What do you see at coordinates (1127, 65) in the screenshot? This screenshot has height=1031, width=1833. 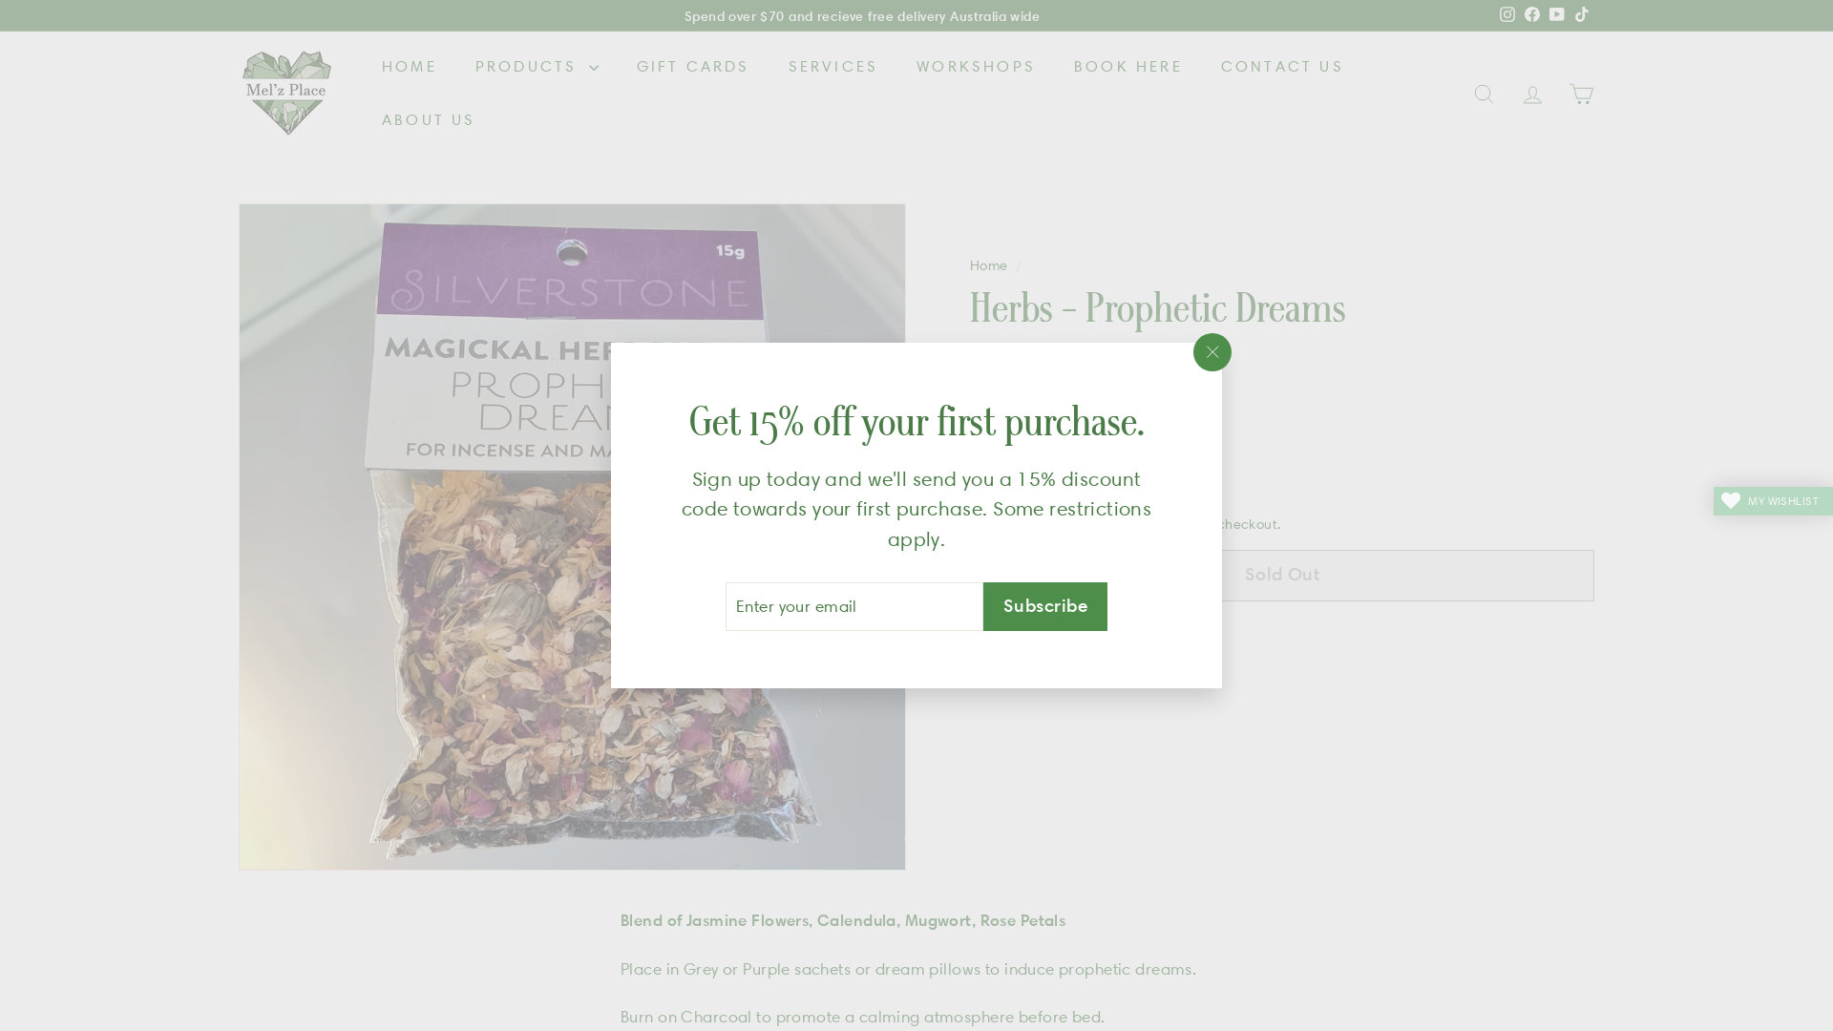 I see `'BOOK HERE'` at bounding box center [1127, 65].